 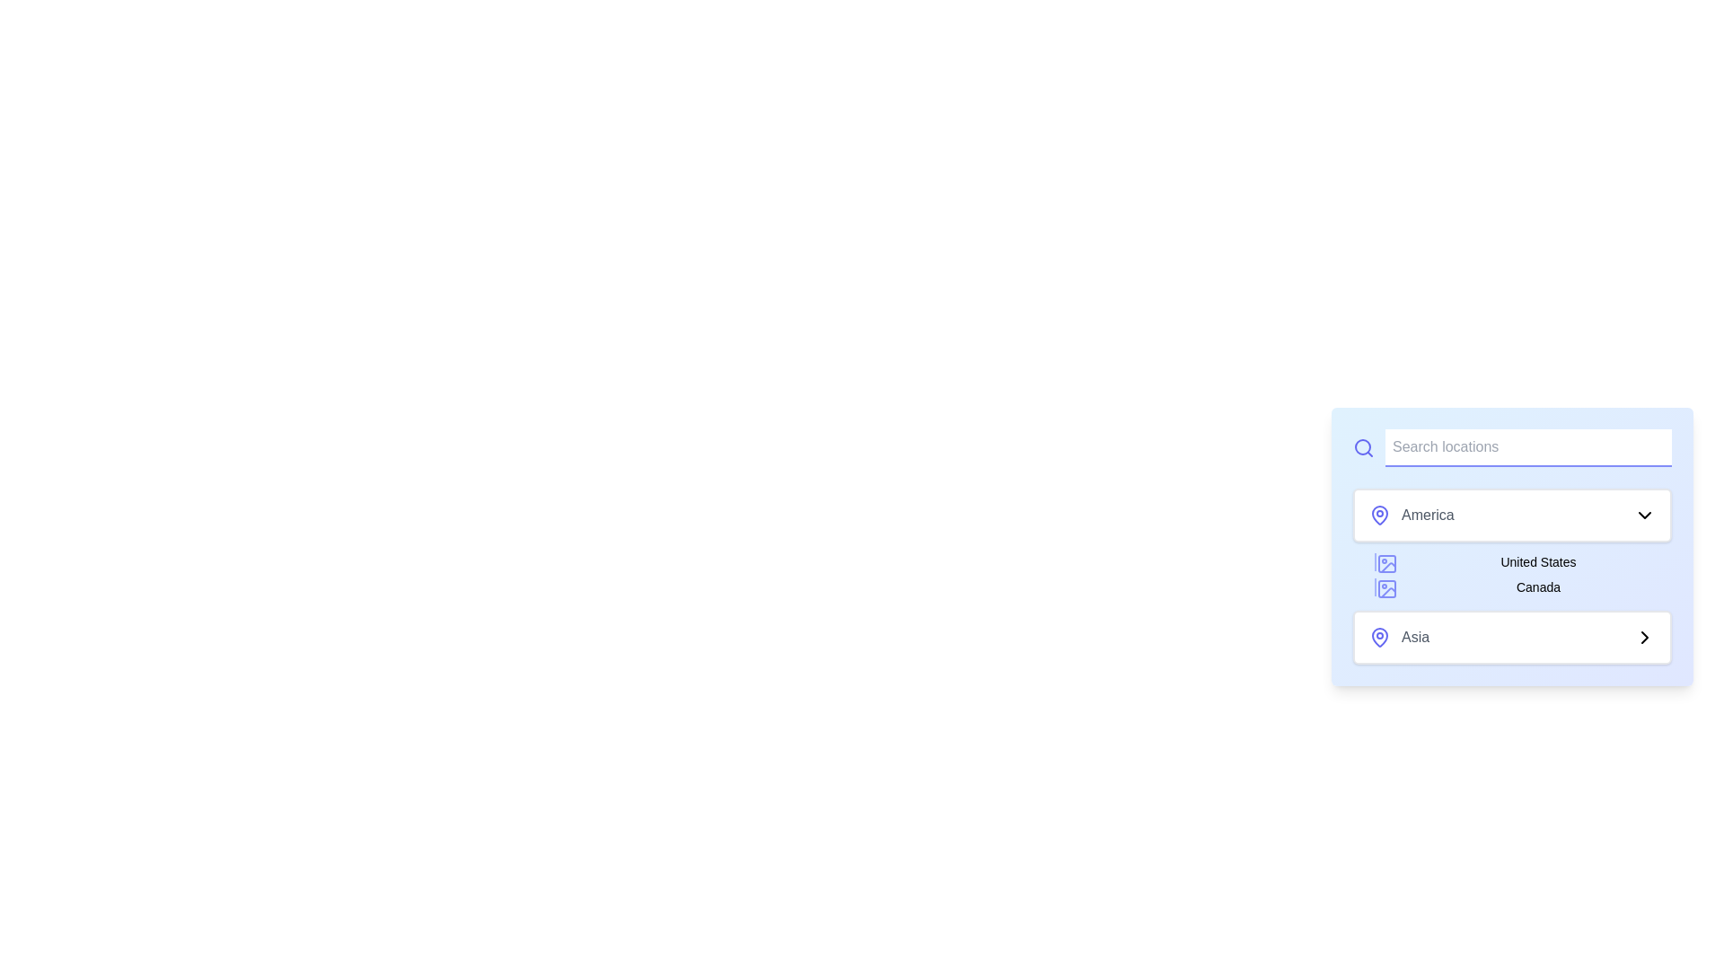 I want to click on the dropdown toggle item labeled 'America', so click(x=1511, y=516).